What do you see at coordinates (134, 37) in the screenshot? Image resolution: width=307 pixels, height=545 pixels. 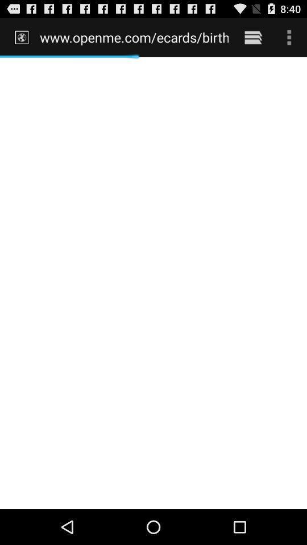 I see `www openme com` at bounding box center [134, 37].